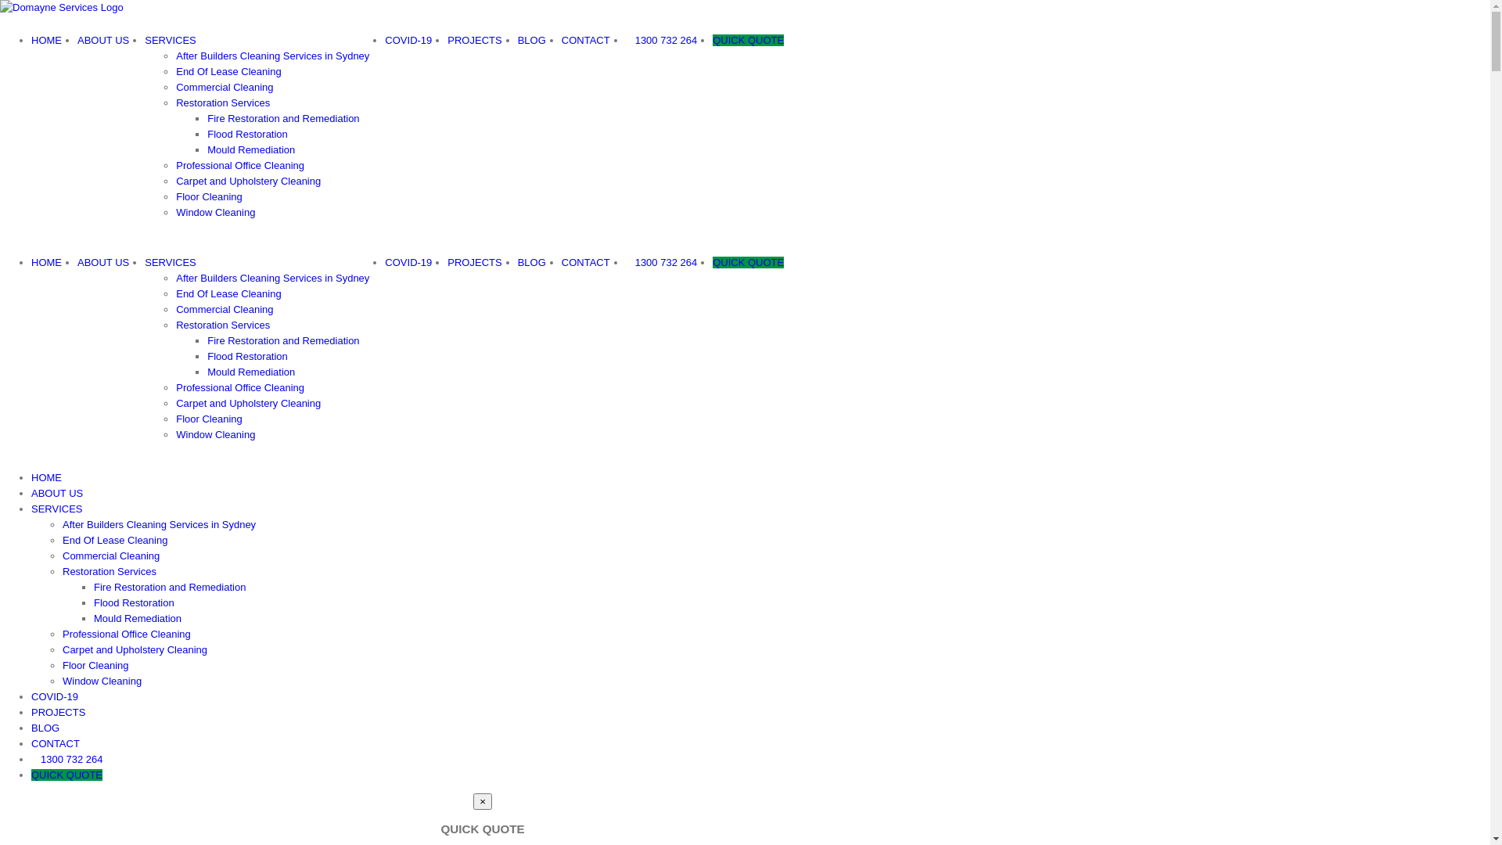  I want to click on 'Mould Remediation', so click(251, 149).